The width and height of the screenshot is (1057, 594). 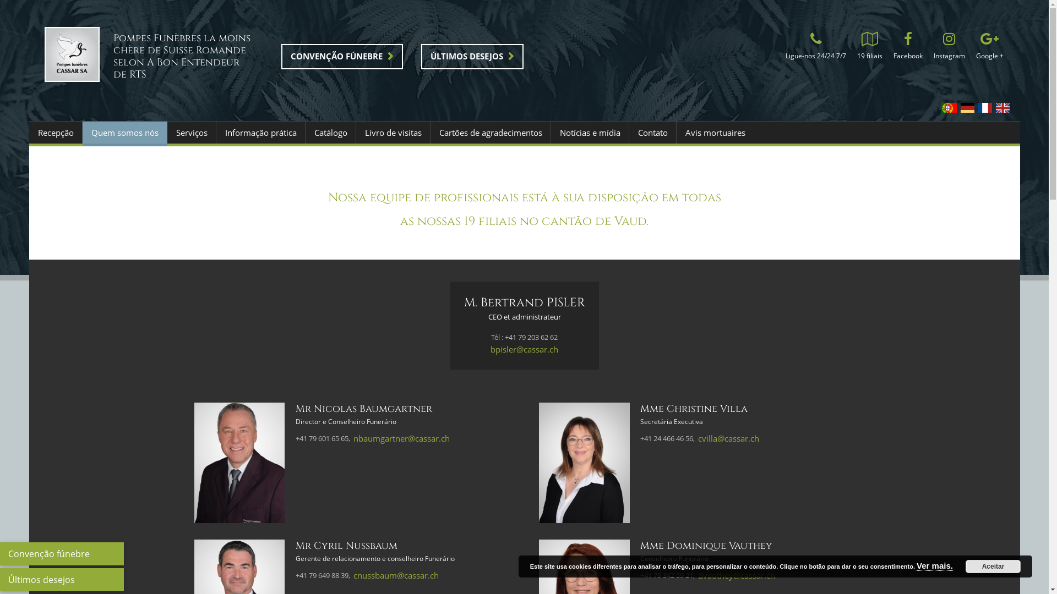 I want to click on 'Aceitar', so click(x=993, y=566).